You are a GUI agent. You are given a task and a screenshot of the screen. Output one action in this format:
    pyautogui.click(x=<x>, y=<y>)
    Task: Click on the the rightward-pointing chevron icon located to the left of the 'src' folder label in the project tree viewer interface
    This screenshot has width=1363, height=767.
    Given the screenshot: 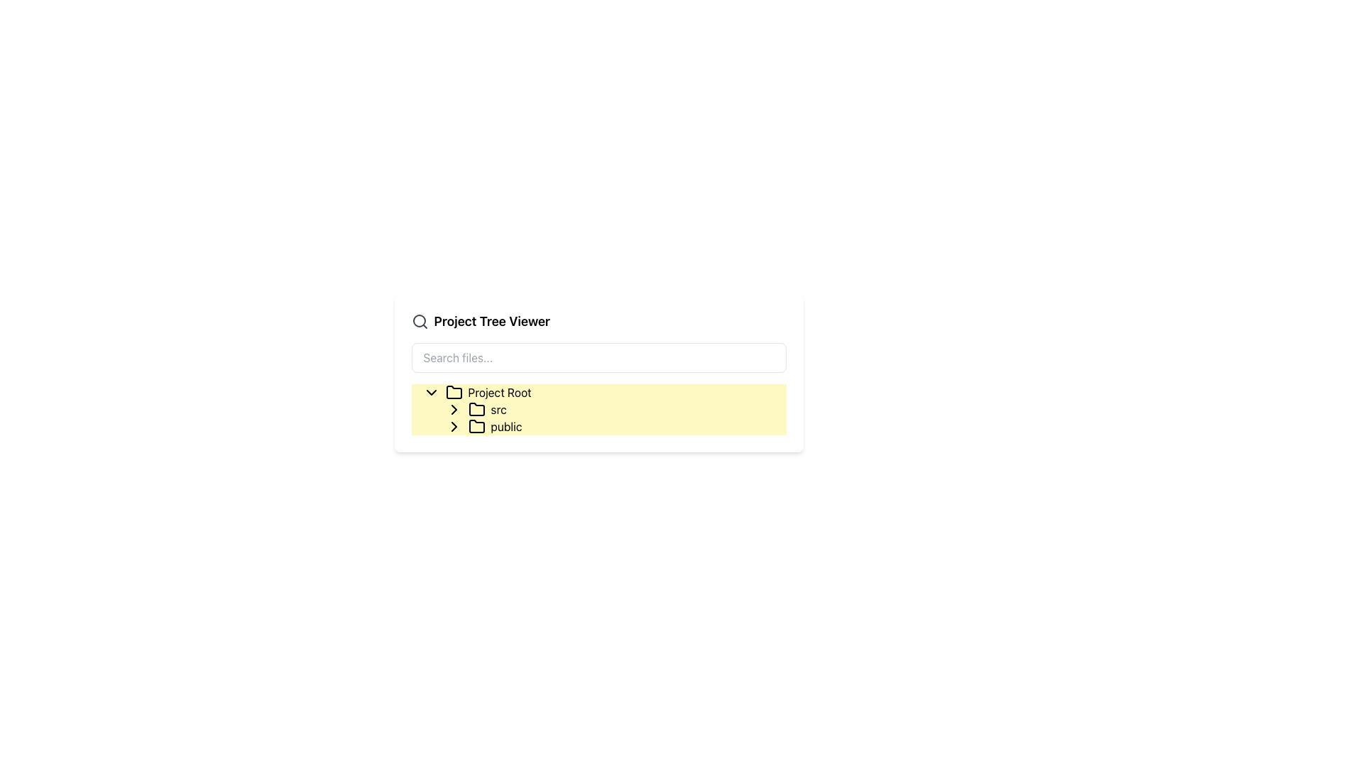 What is the action you would take?
    pyautogui.click(x=453, y=410)
    